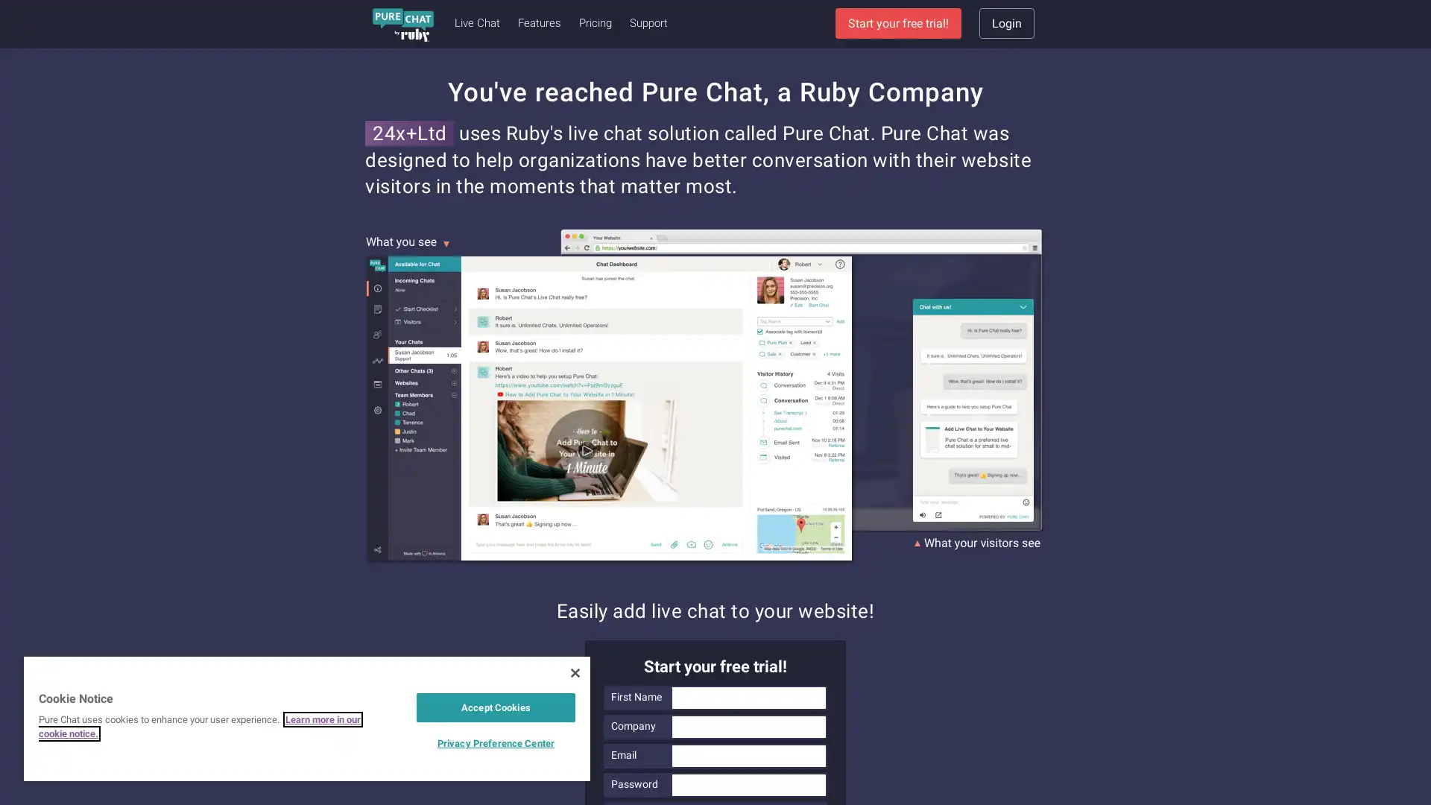  I want to click on Sign Up, so click(714, 152).